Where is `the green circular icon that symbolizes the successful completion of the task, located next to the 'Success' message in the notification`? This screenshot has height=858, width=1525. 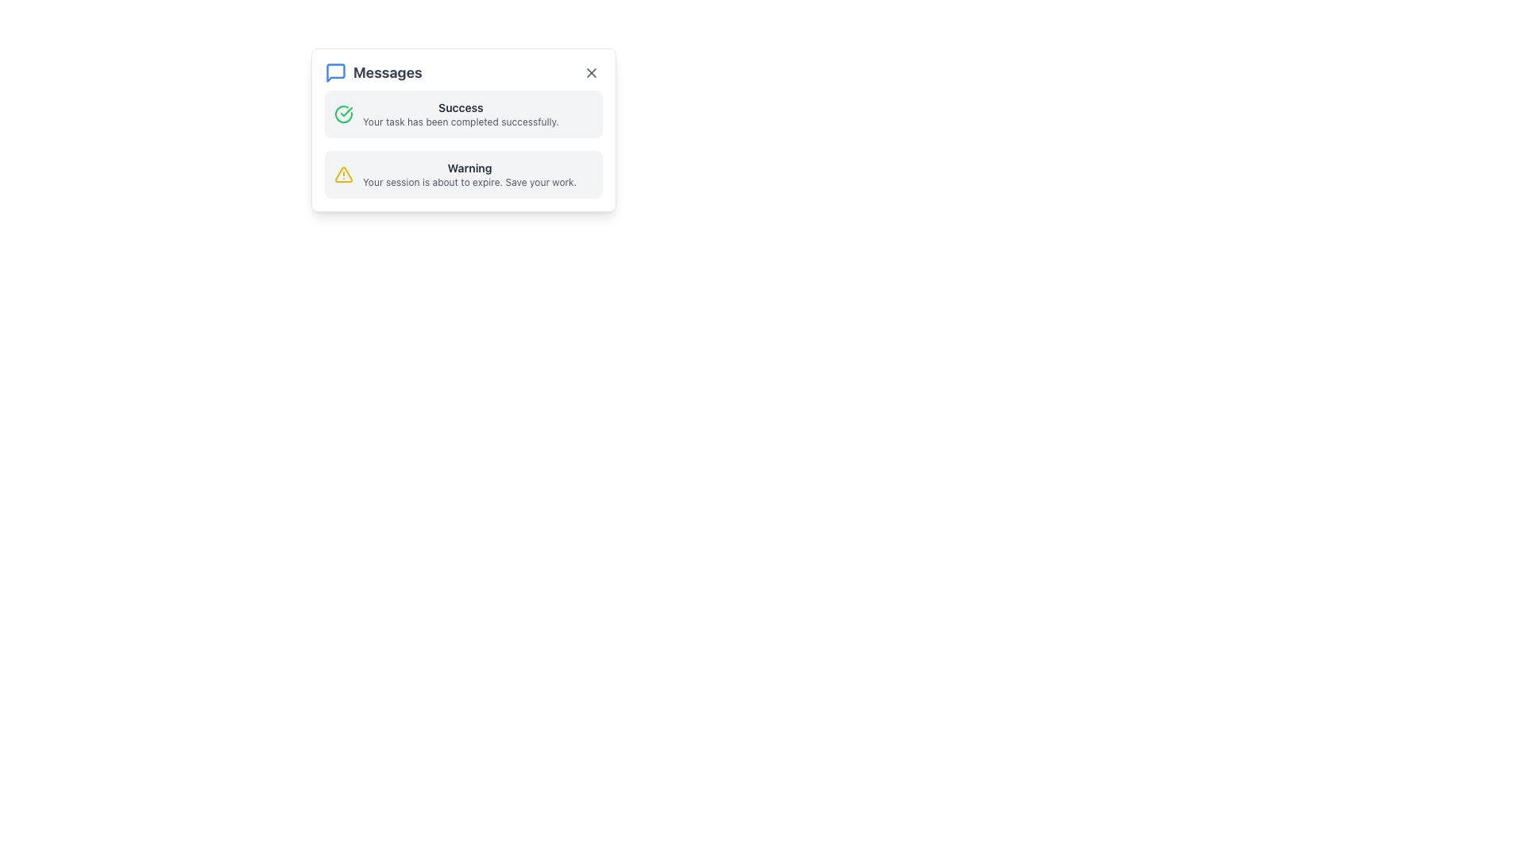
the green circular icon that symbolizes the successful completion of the task, located next to the 'Success' message in the notification is located at coordinates (346, 111).